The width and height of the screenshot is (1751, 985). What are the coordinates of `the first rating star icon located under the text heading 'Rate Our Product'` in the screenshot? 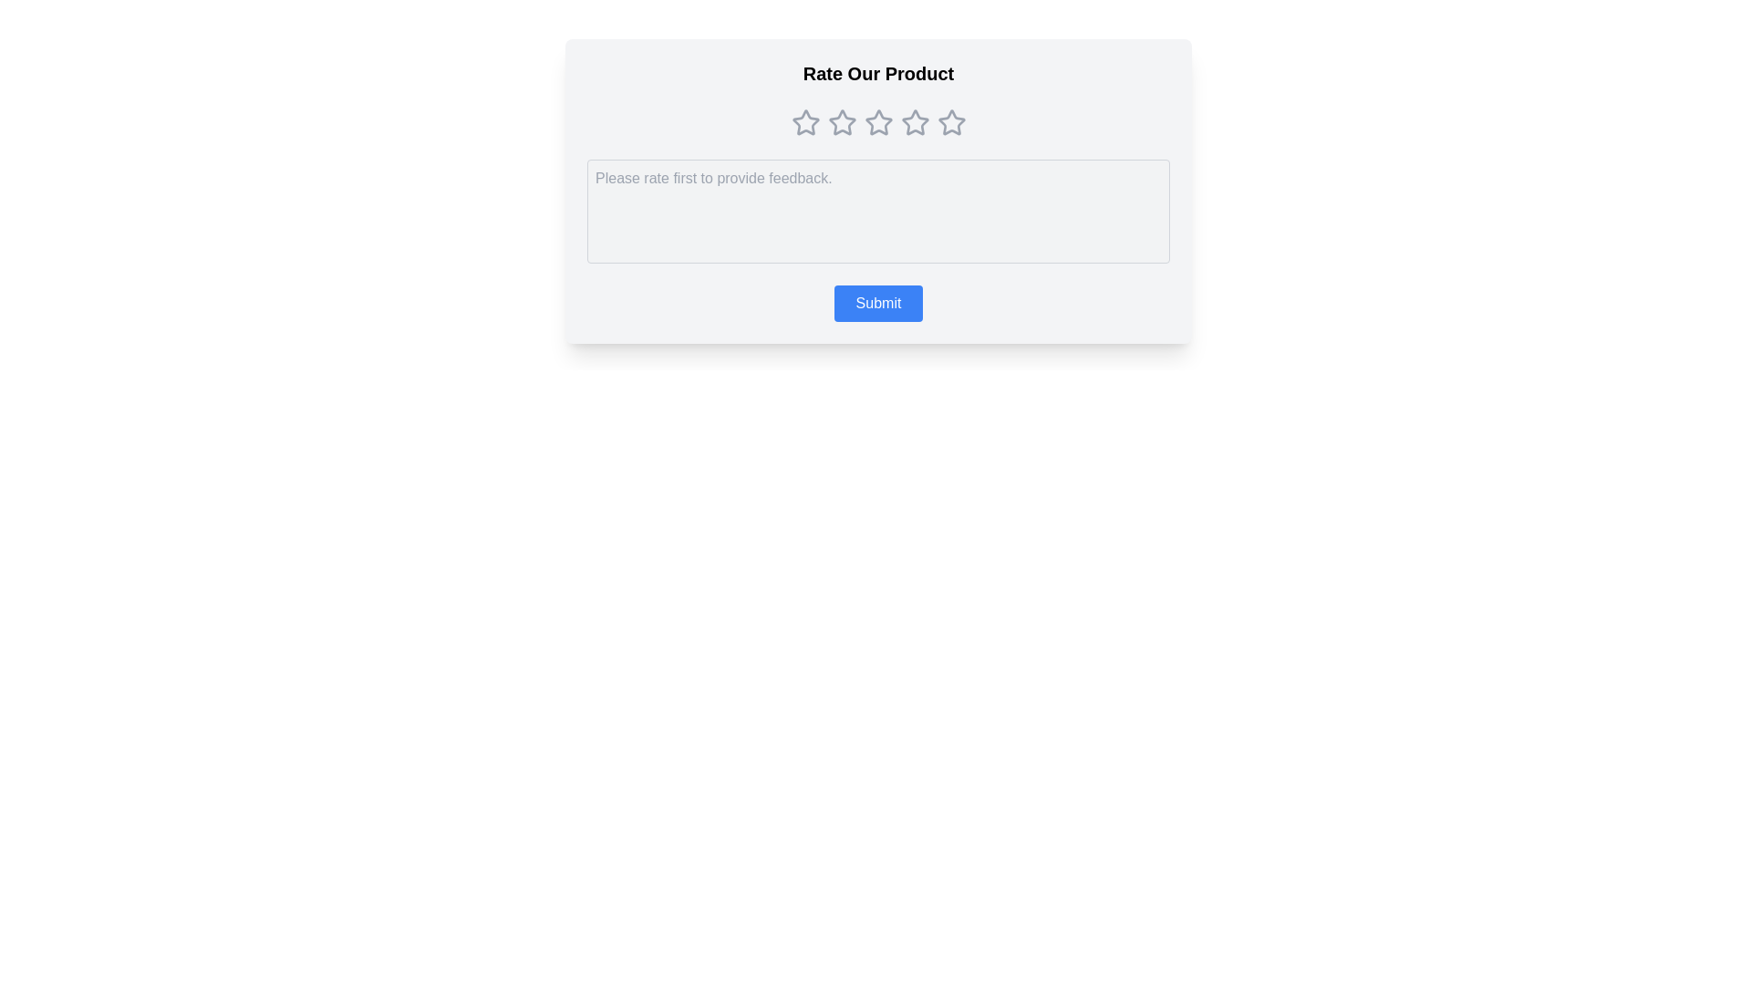 It's located at (804, 123).